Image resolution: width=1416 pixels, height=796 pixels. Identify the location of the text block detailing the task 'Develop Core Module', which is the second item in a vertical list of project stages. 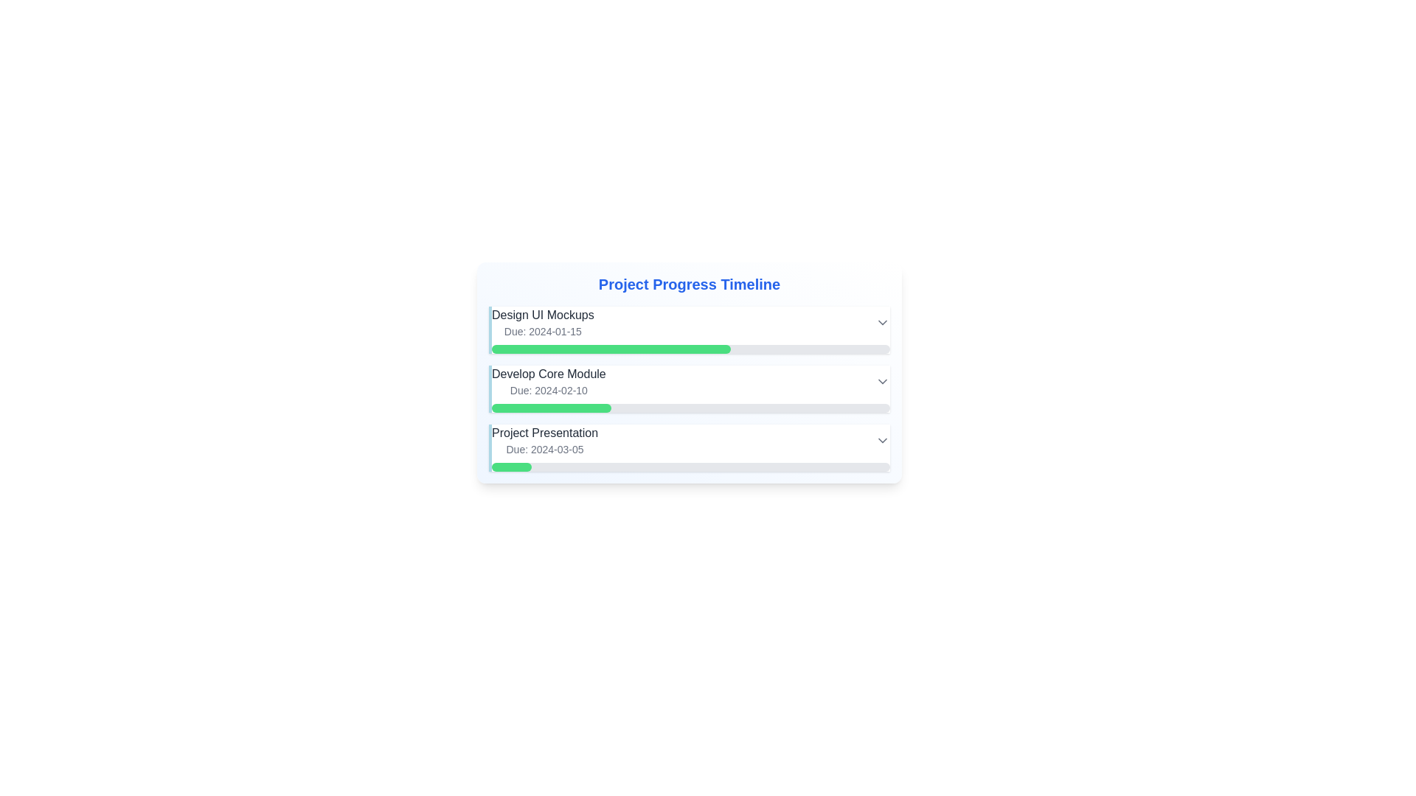
(548, 380).